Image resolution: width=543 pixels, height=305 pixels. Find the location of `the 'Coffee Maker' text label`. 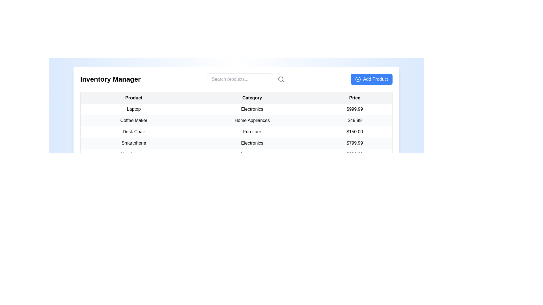

the 'Coffee Maker' text label is located at coordinates (133, 120).